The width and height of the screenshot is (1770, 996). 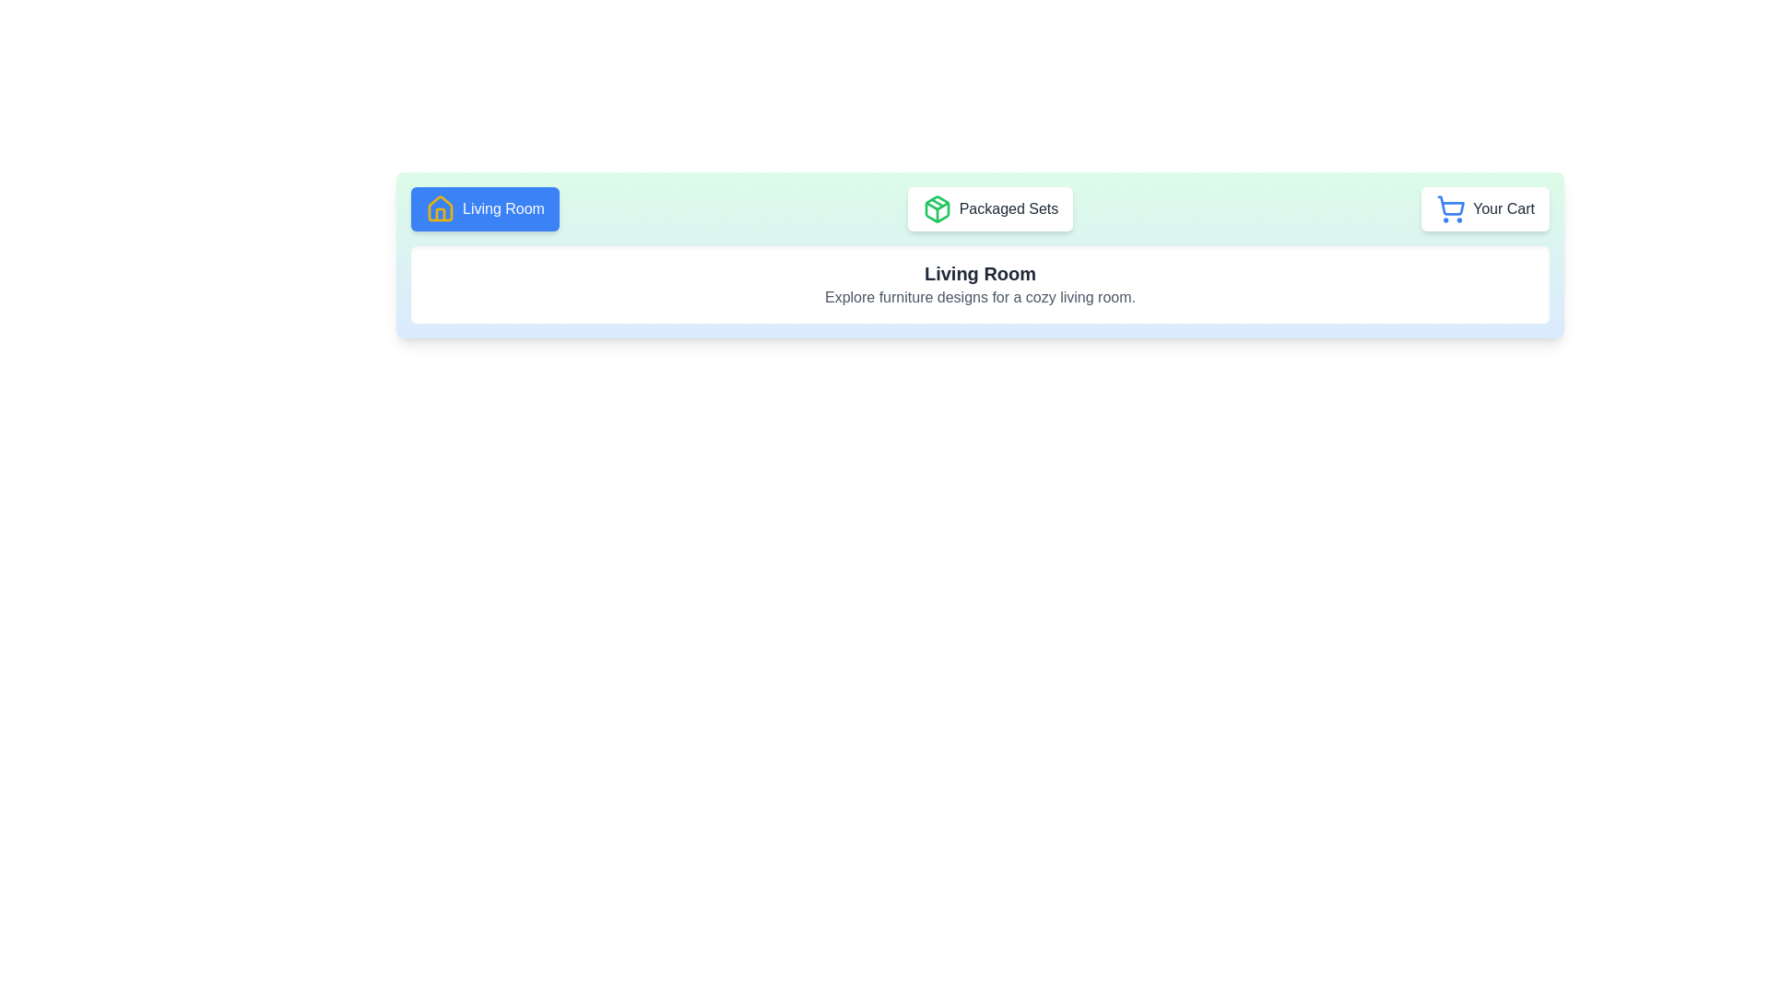 I want to click on the button labeled Packaged Sets, so click(x=989, y=208).